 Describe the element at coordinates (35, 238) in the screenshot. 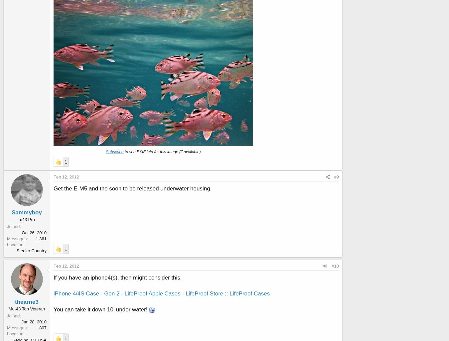

I see `'1,361'` at that location.